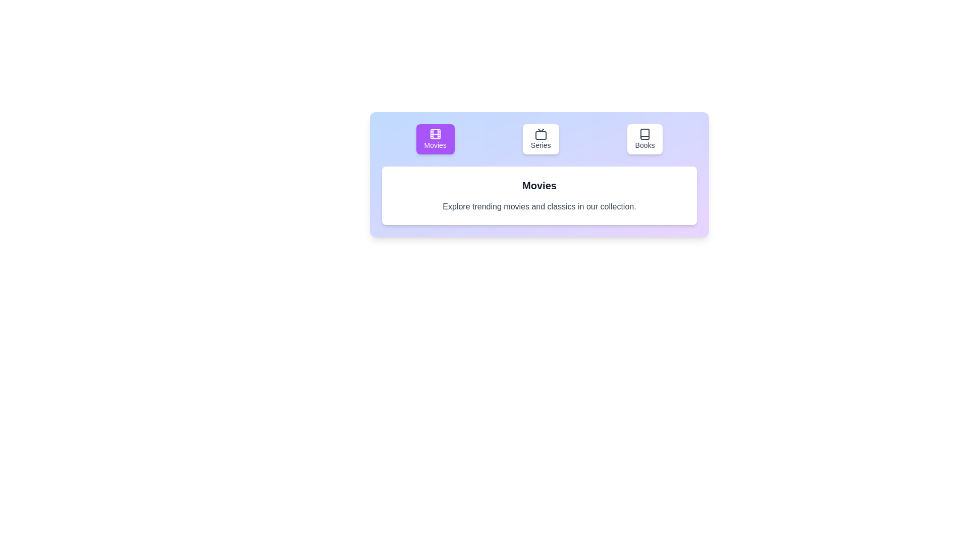 The width and height of the screenshot is (969, 545). I want to click on the tab labeled Books to observe its hover effect, so click(644, 139).